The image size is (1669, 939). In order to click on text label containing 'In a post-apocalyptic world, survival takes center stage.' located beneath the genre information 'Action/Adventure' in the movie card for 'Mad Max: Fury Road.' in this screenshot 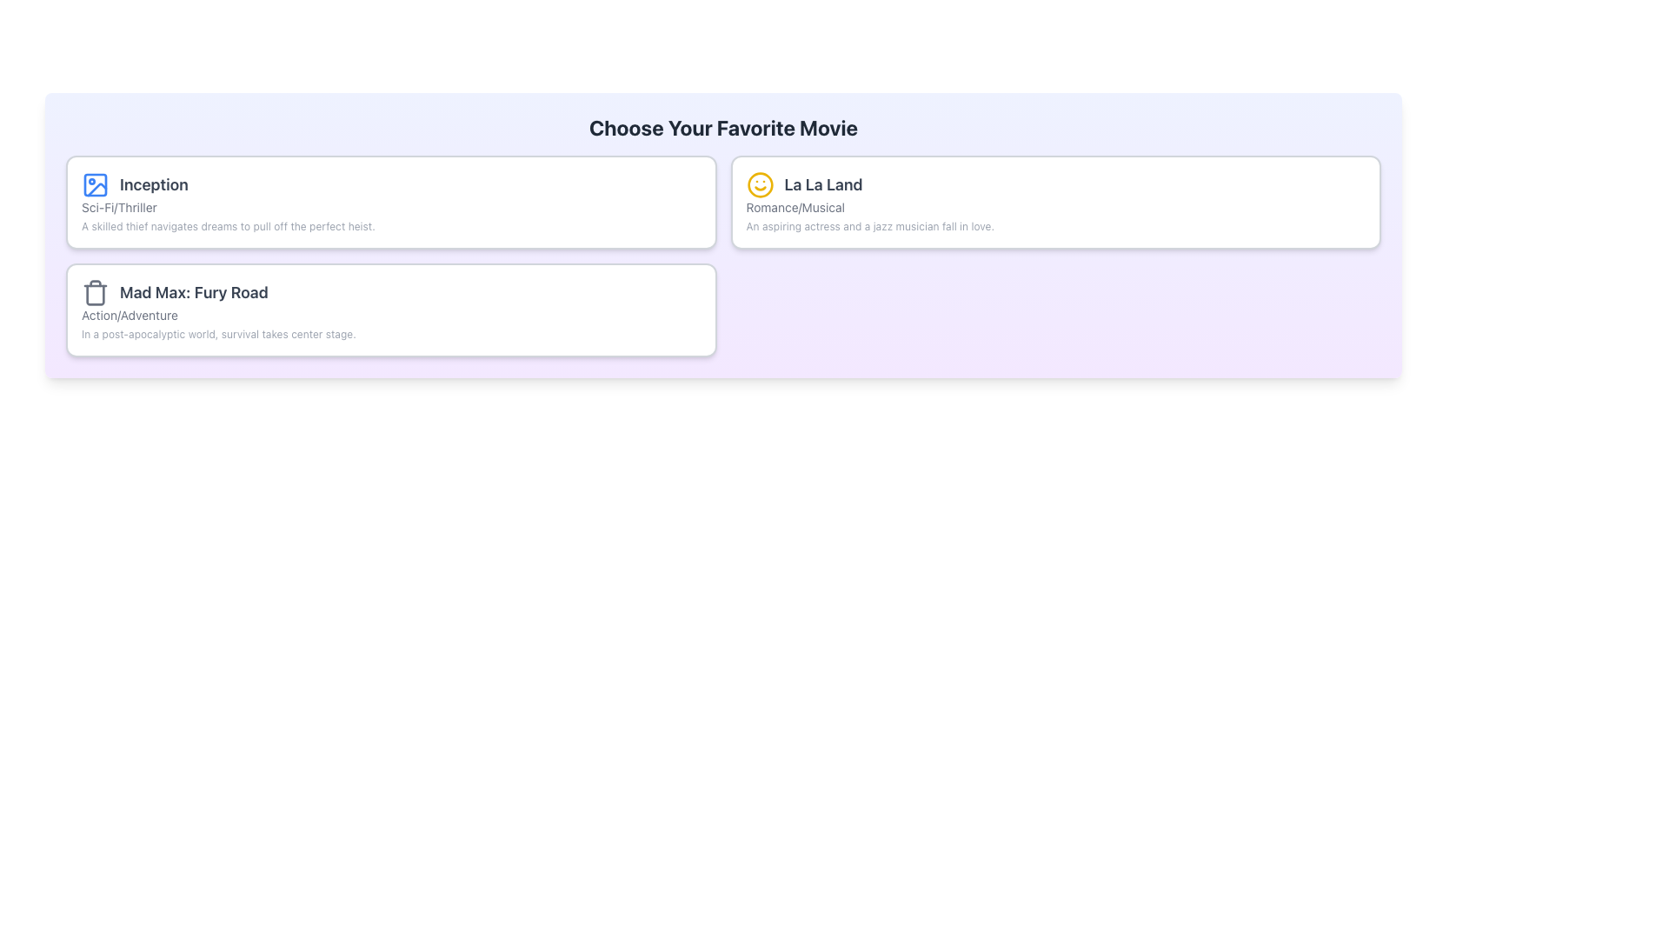, I will do `click(217, 335)`.